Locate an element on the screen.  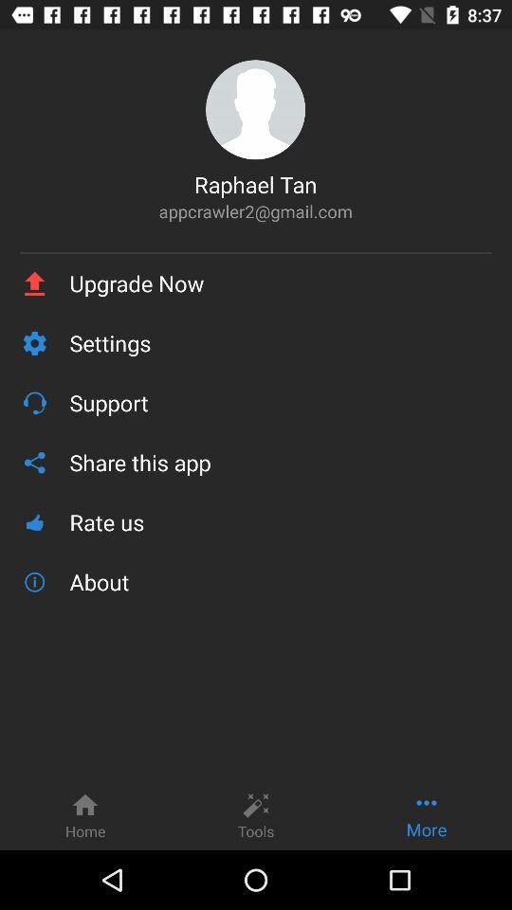
appcrawler2@gmail.com is located at coordinates (255, 211).